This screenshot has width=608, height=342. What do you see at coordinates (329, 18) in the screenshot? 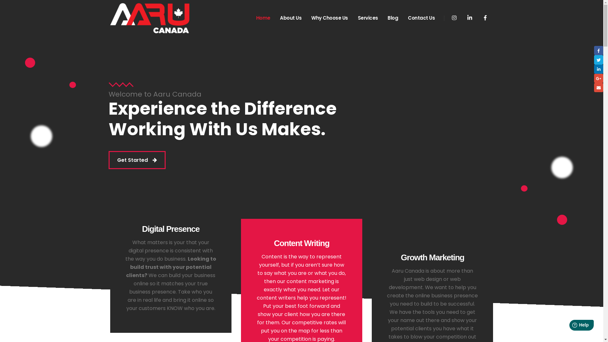
I see `'Why Choose Us'` at bounding box center [329, 18].